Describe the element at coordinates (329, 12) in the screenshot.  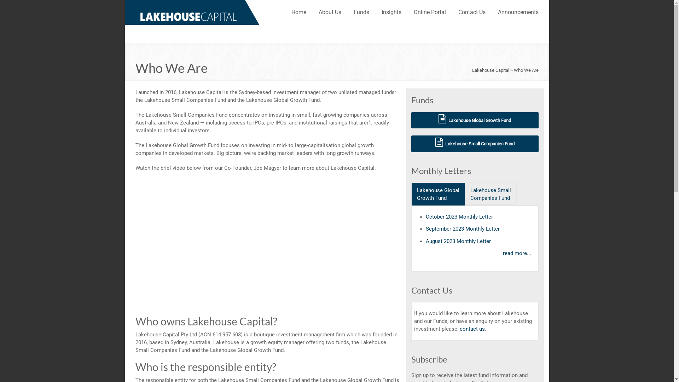
I see `'About Us'` at that location.